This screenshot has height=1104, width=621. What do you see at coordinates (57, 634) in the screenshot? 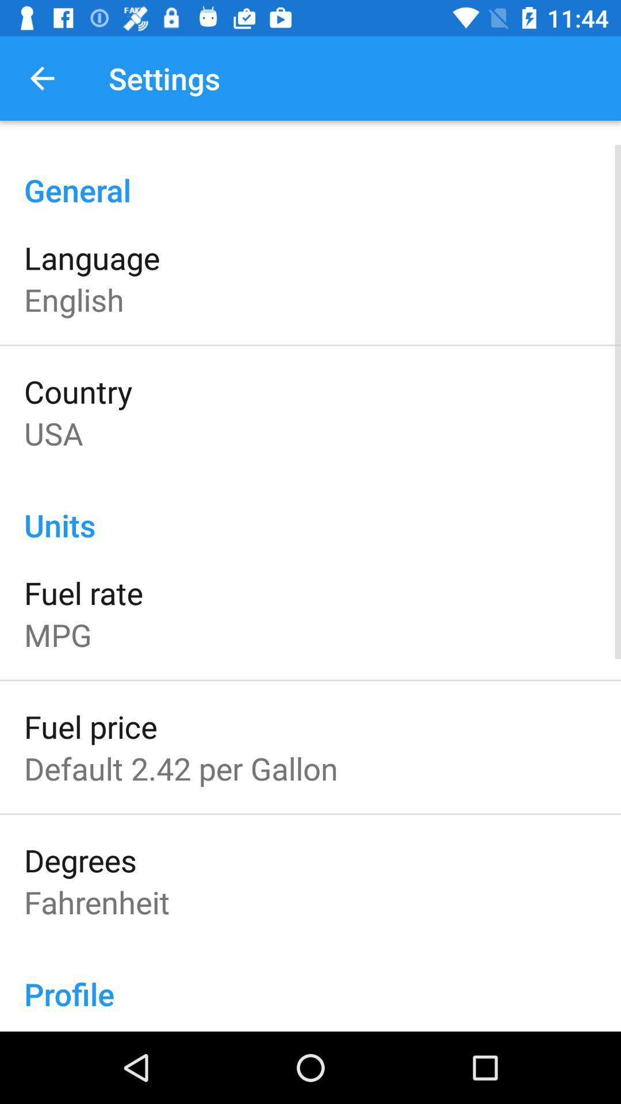
I see `mpg item` at bounding box center [57, 634].